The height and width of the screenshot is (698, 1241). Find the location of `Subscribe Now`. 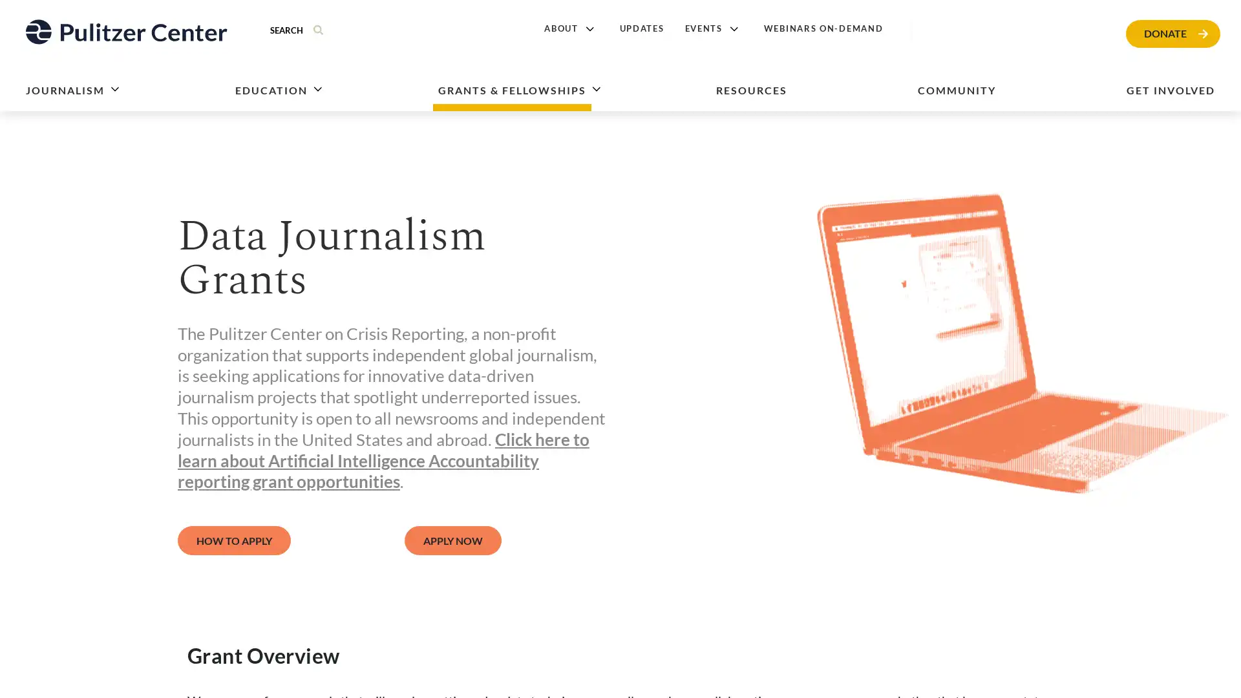

Subscribe Now is located at coordinates (722, 409).